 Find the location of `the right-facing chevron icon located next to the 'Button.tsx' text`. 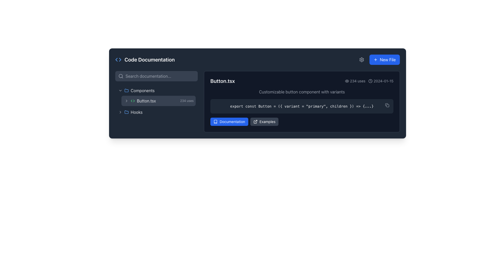

the right-facing chevron icon located next to the 'Button.tsx' text is located at coordinates (126, 101).